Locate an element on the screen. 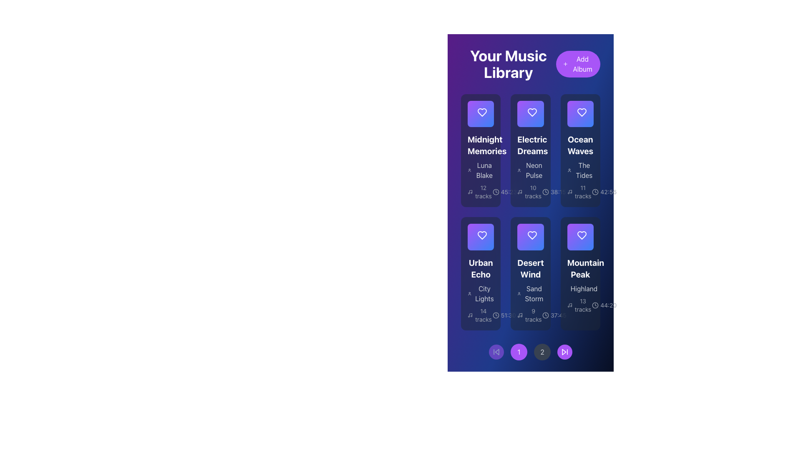 This screenshot has width=801, height=450. the small graphical music icon featuring a note symbol, located below the album 'Electric Dreams' in the second column of the grid is located at coordinates (519, 192).